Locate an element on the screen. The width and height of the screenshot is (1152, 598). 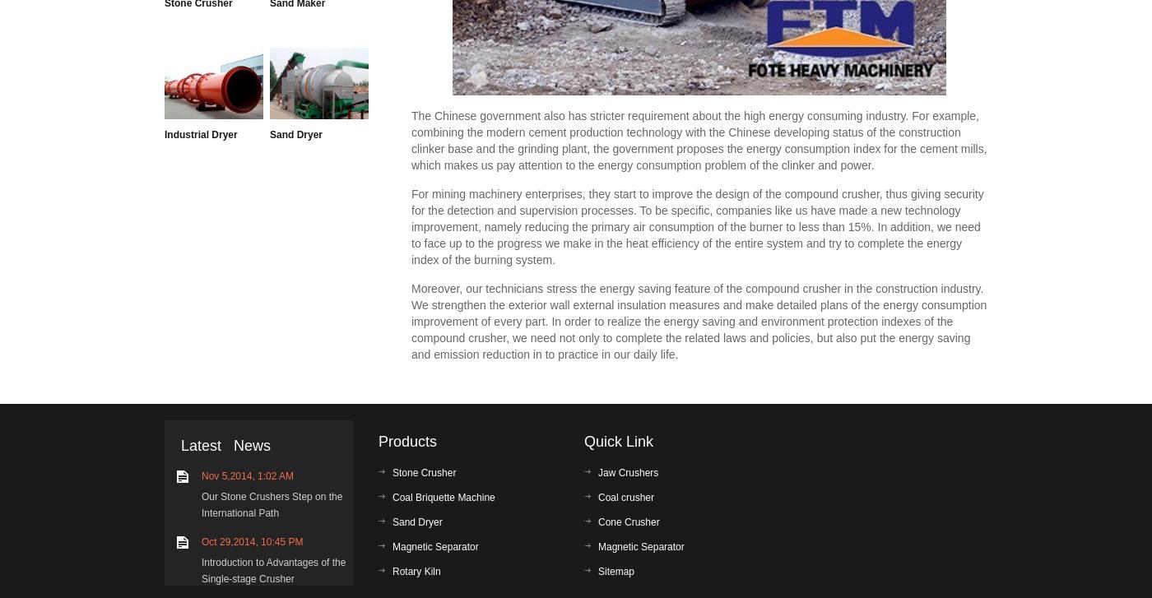
'The Chinese government also has stricter requirement about the high energy consuming industry. For example, combining the modern cement production technology with the Chinese developing status of the construction clinker base and the grinding plant, the government proposes the energy consumption index for the cement mills, which makes us pay attention to the energy consumption problem of the clinker and power.' is located at coordinates (411, 140).